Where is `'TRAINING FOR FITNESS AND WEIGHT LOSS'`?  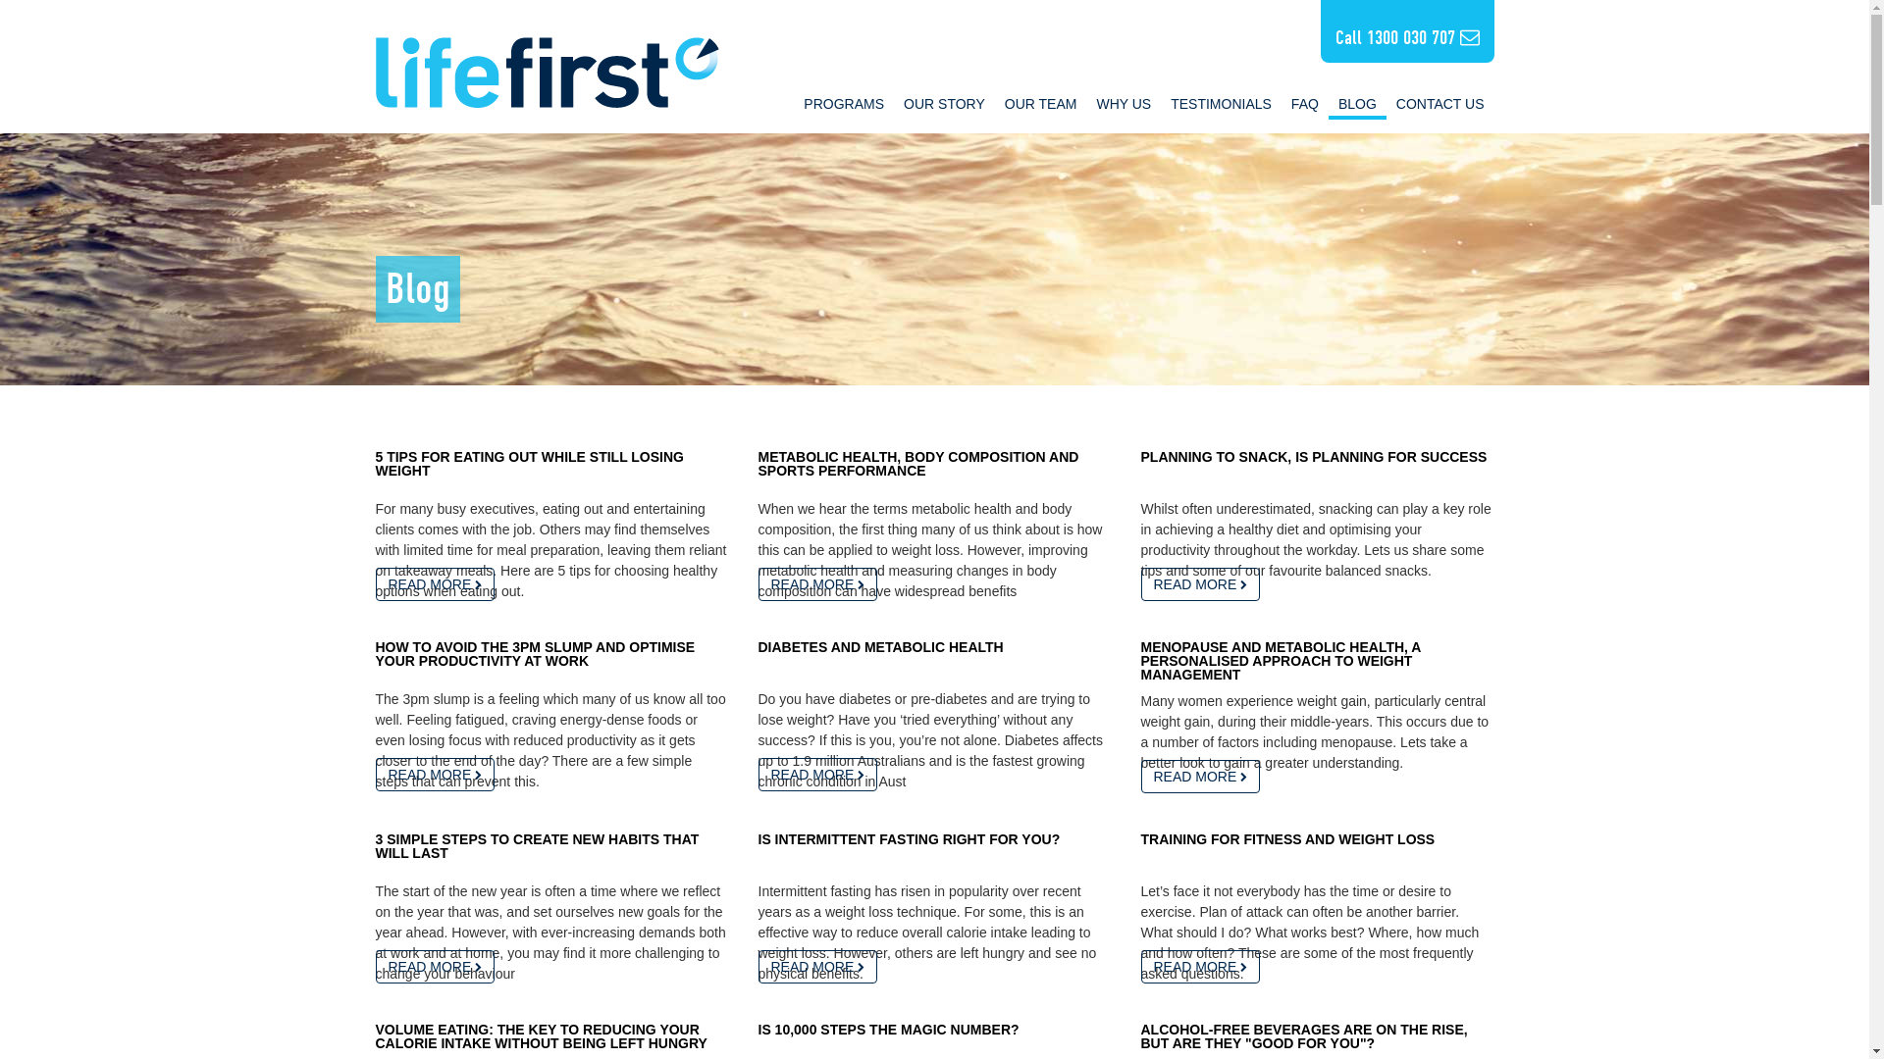
'TRAINING FOR FITNESS AND WEIGHT LOSS' is located at coordinates (1286, 838).